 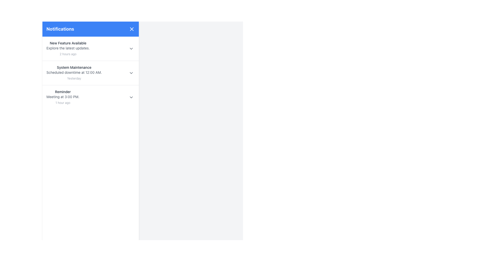 I want to click on the chevron icon next to the text 'Explore the latest updates' in the 'New Feature Available' notification section, so click(x=131, y=48).